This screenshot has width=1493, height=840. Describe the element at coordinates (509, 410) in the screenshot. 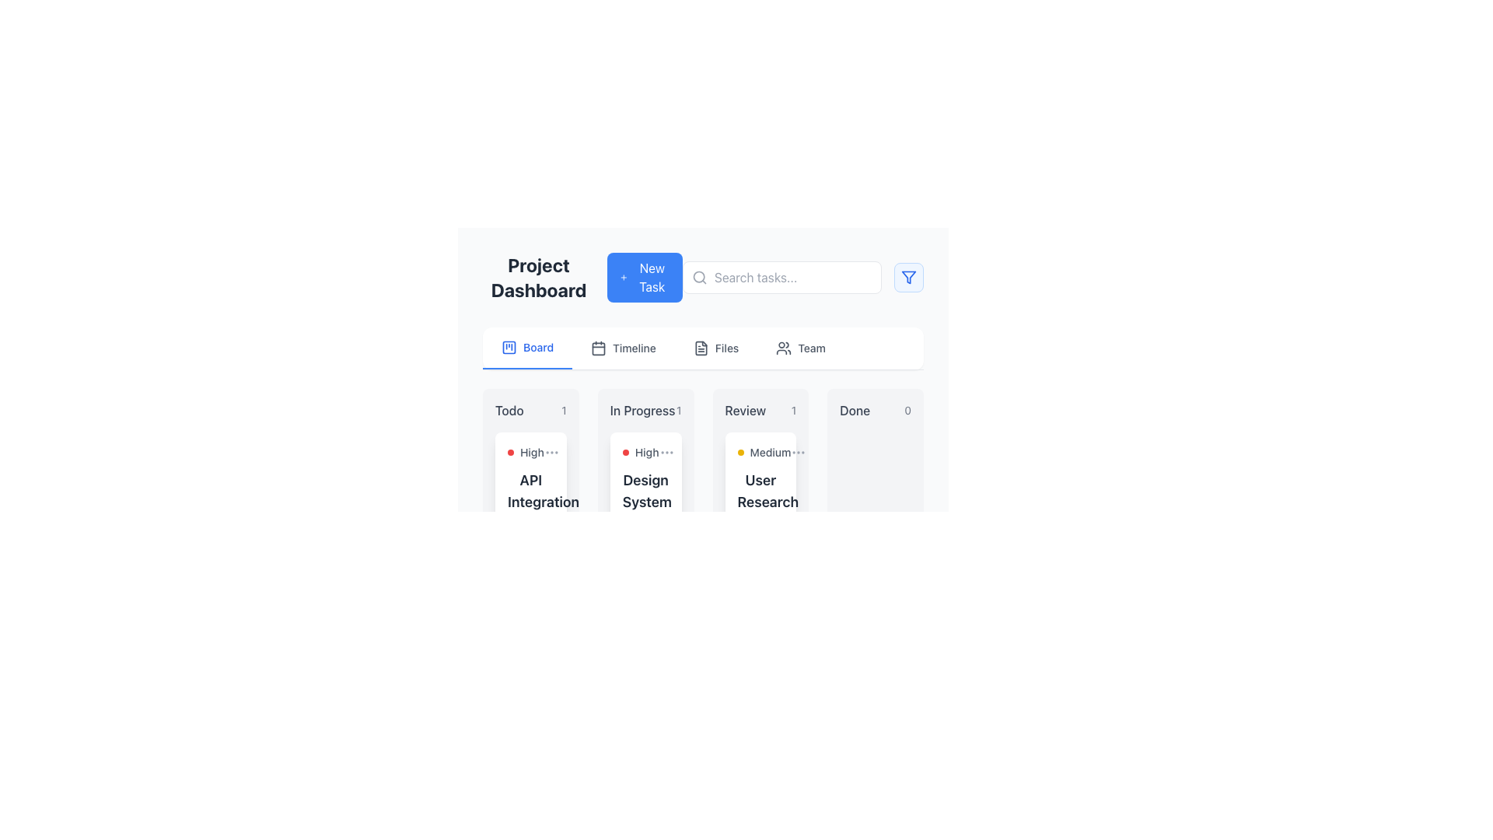

I see `the 'Todo' text label that categorizes a specific section in the application` at that location.